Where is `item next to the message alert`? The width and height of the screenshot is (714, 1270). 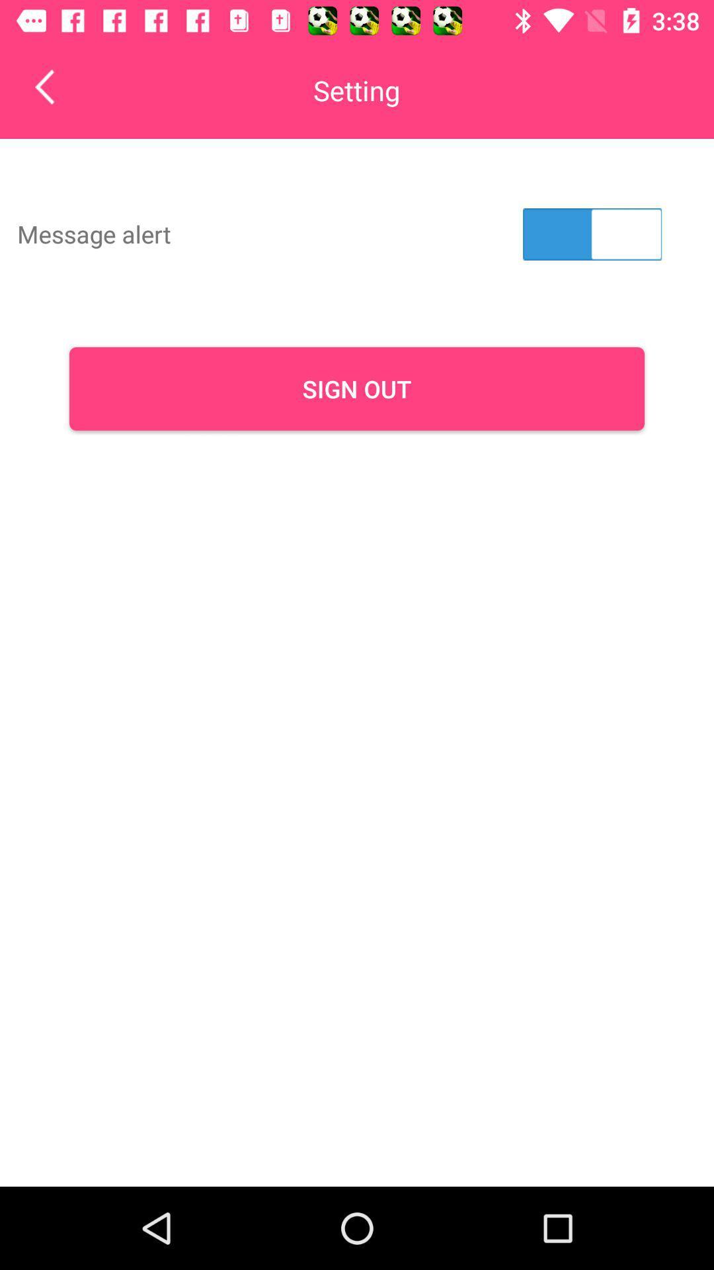 item next to the message alert is located at coordinates (592, 234).